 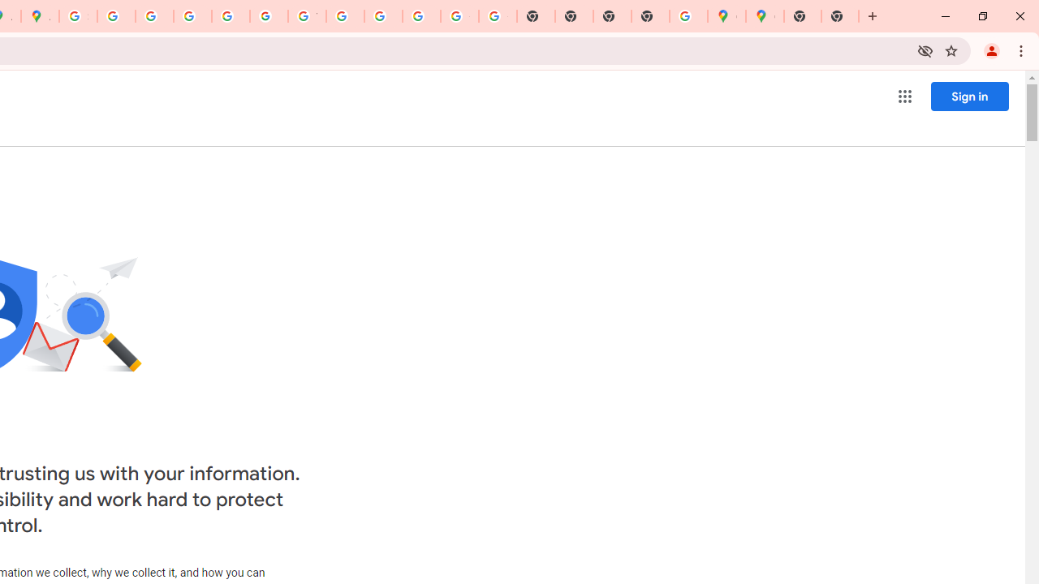 What do you see at coordinates (872, 16) in the screenshot?
I see `'New Tab'` at bounding box center [872, 16].